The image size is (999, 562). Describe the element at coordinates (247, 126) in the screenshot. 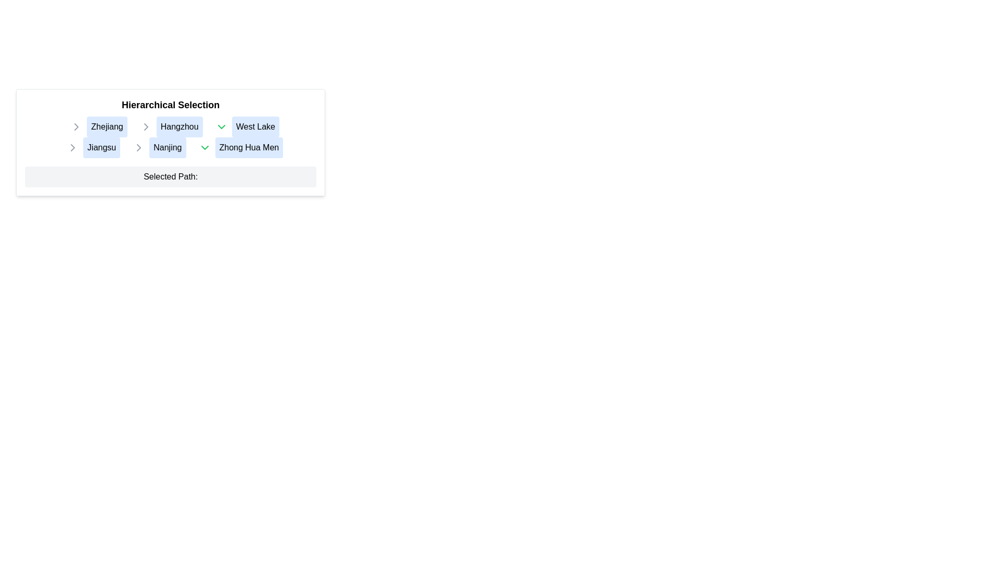

I see `the 'West Lake' selectable button element located` at that location.